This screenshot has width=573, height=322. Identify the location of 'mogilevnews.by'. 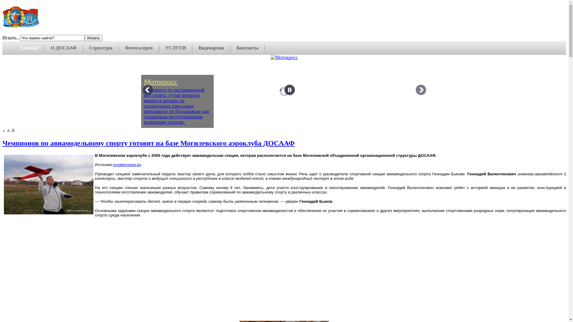
(127, 165).